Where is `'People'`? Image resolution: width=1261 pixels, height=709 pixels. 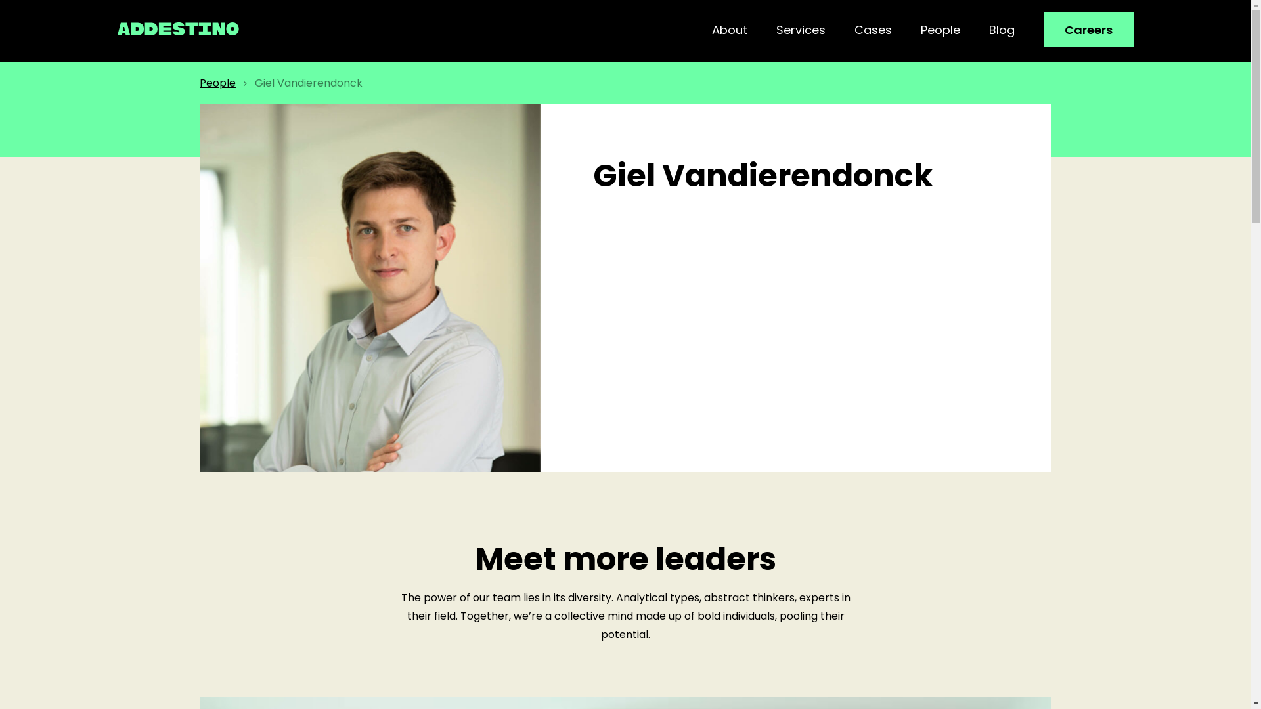 'People' is located at coordinates (198, 83).